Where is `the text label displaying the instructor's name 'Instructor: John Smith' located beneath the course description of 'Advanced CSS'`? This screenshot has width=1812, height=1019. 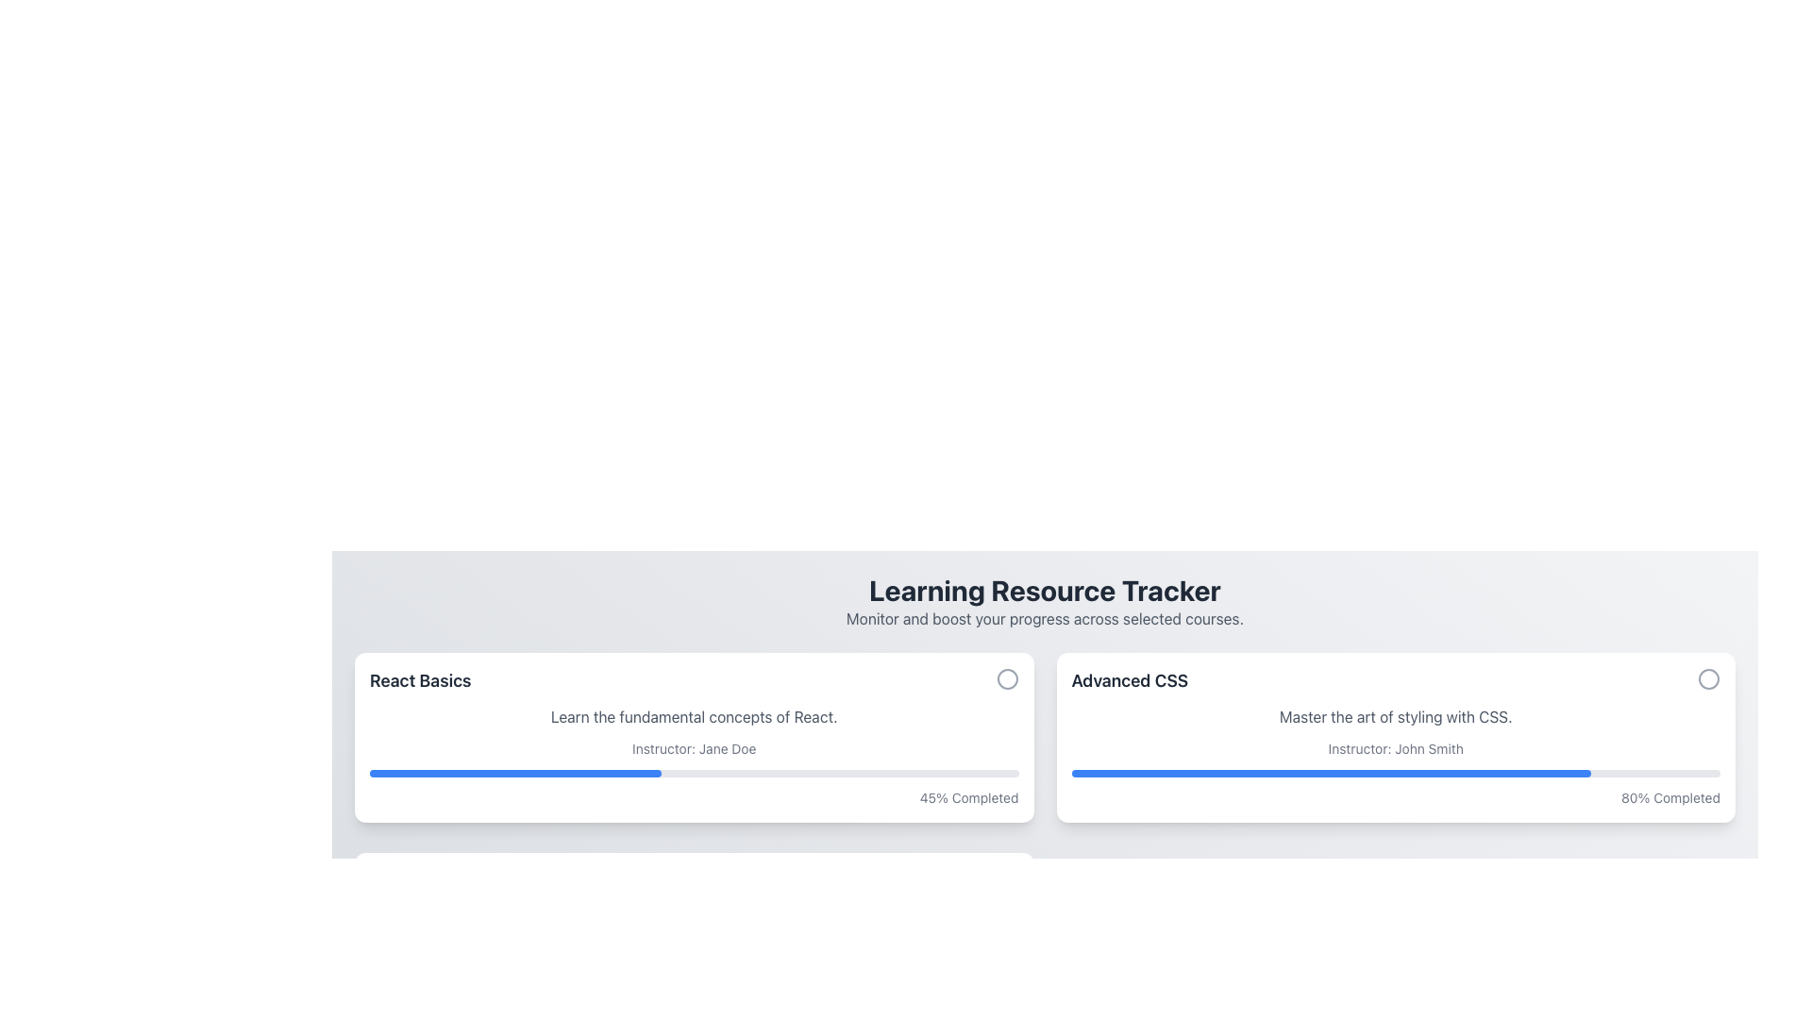 the text label displaying the instructor's name 'Instructor: John Smith' located beneath the course description of 'Advanced CSS' is located at coordinates (1396, 748).